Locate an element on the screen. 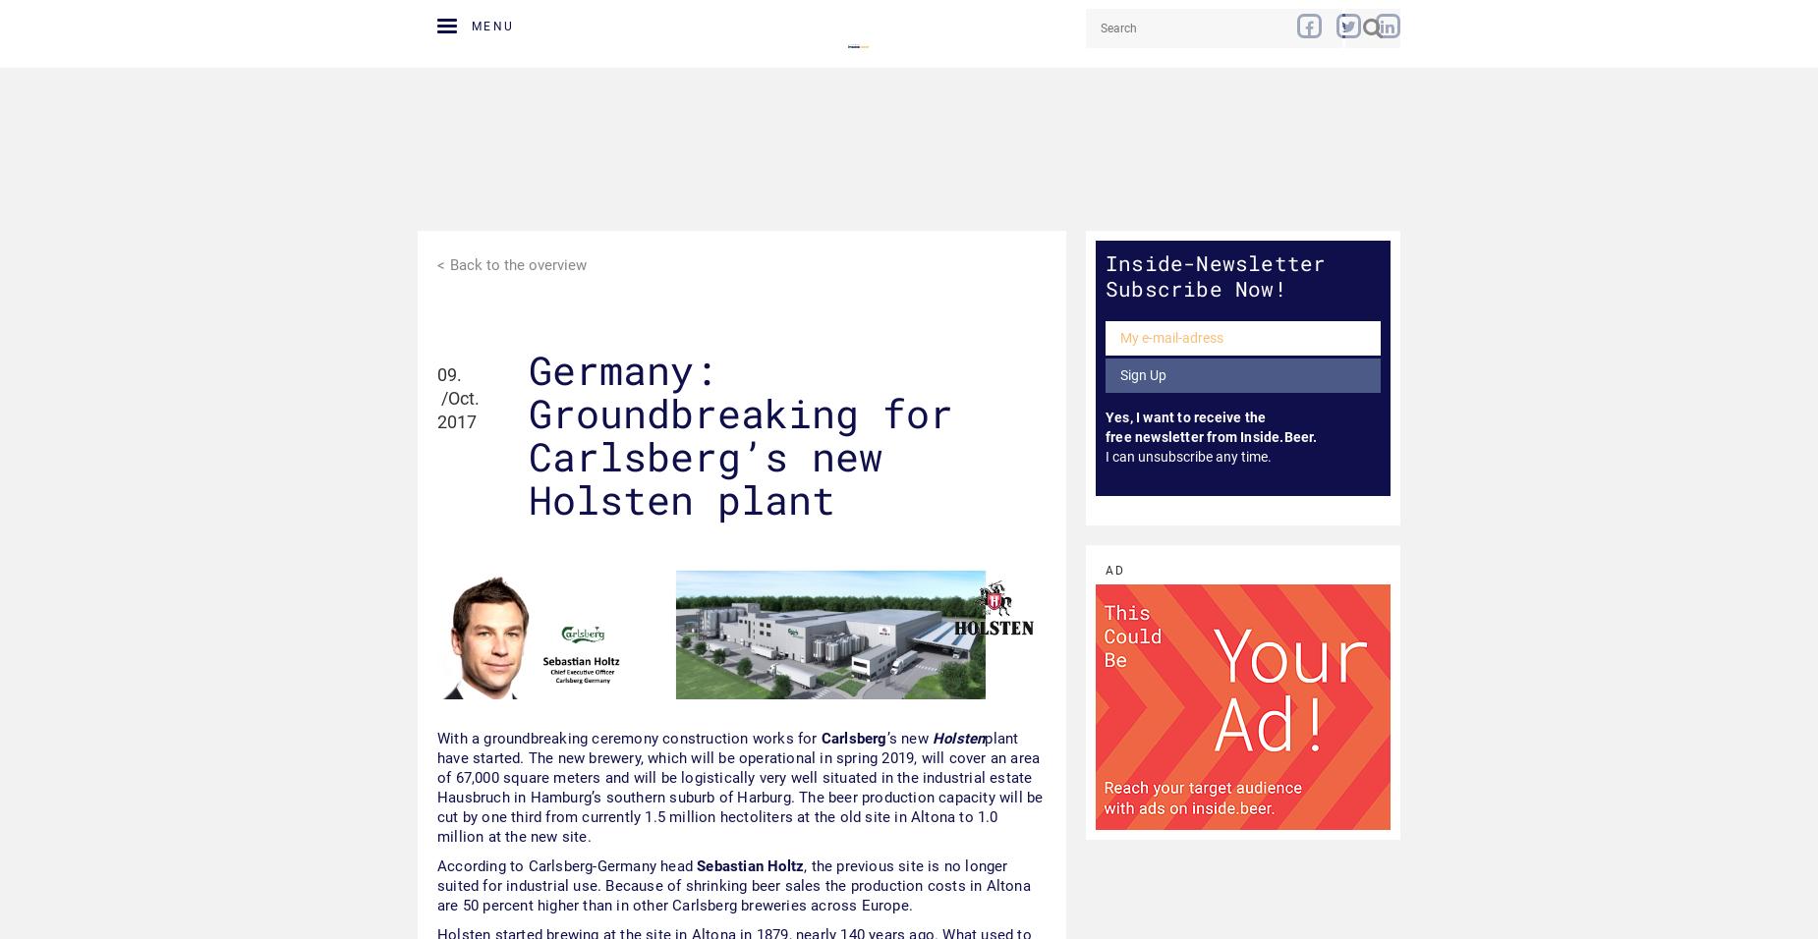  'Holsten' is located at coordinates (957, 737).